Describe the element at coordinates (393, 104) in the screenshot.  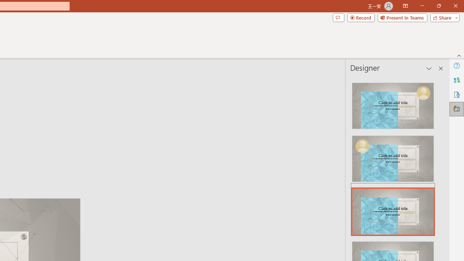
I see `'Recommended Design: Design Idea'` at that location.